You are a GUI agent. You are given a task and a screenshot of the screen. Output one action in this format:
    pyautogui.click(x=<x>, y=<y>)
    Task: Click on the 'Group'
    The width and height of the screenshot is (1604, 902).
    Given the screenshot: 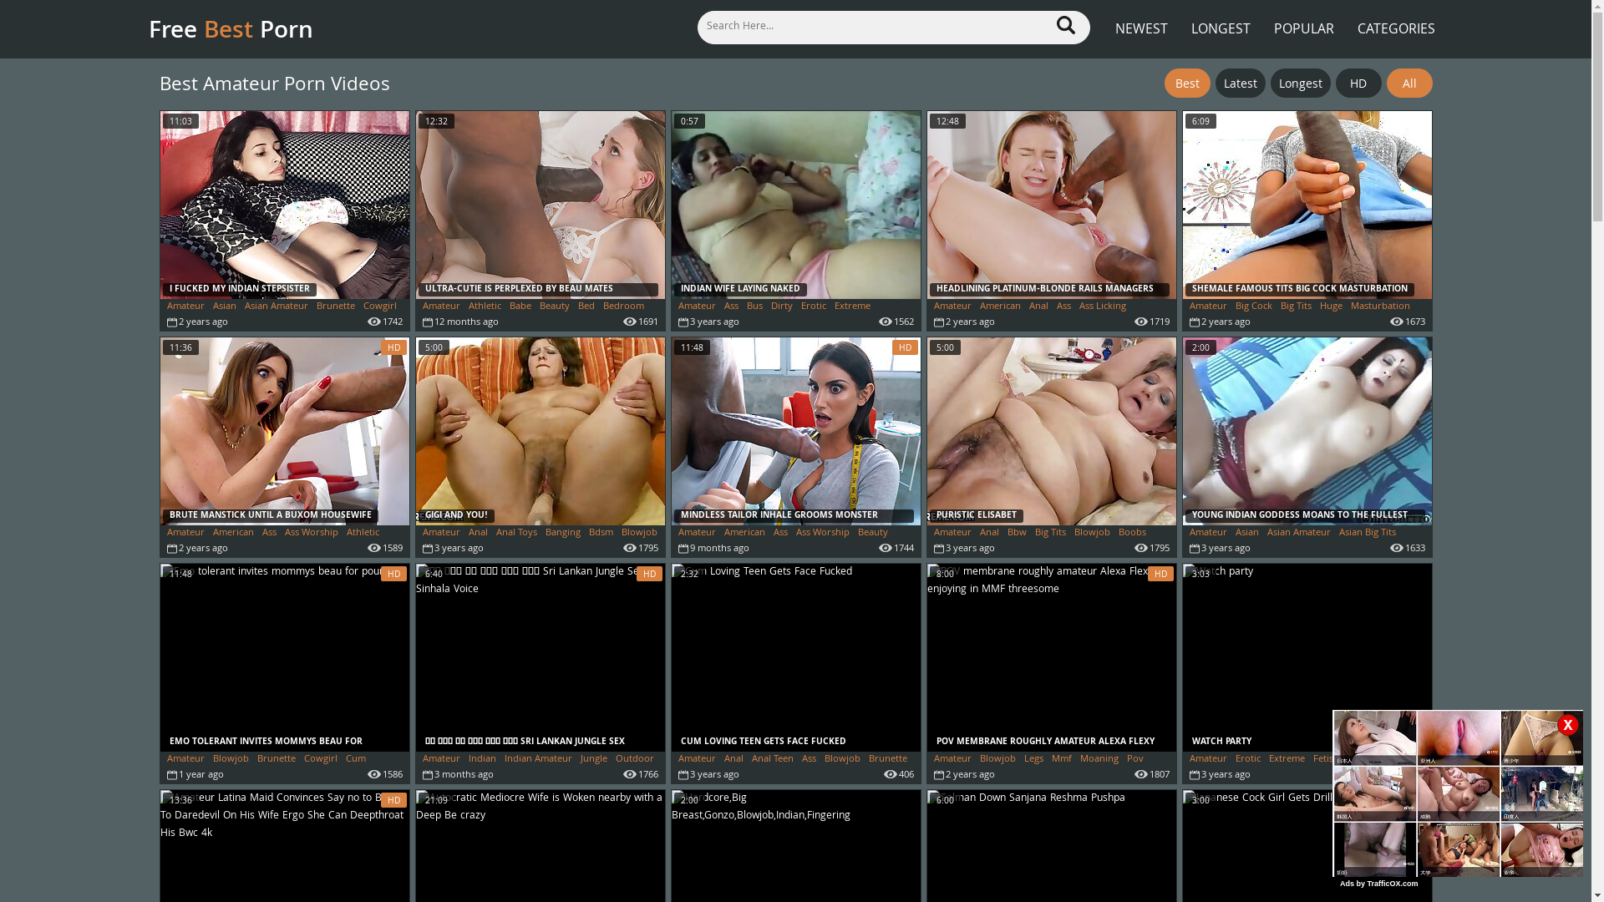 What is the action you would take?
    pyautogui.click(x=1403, y=759)
    